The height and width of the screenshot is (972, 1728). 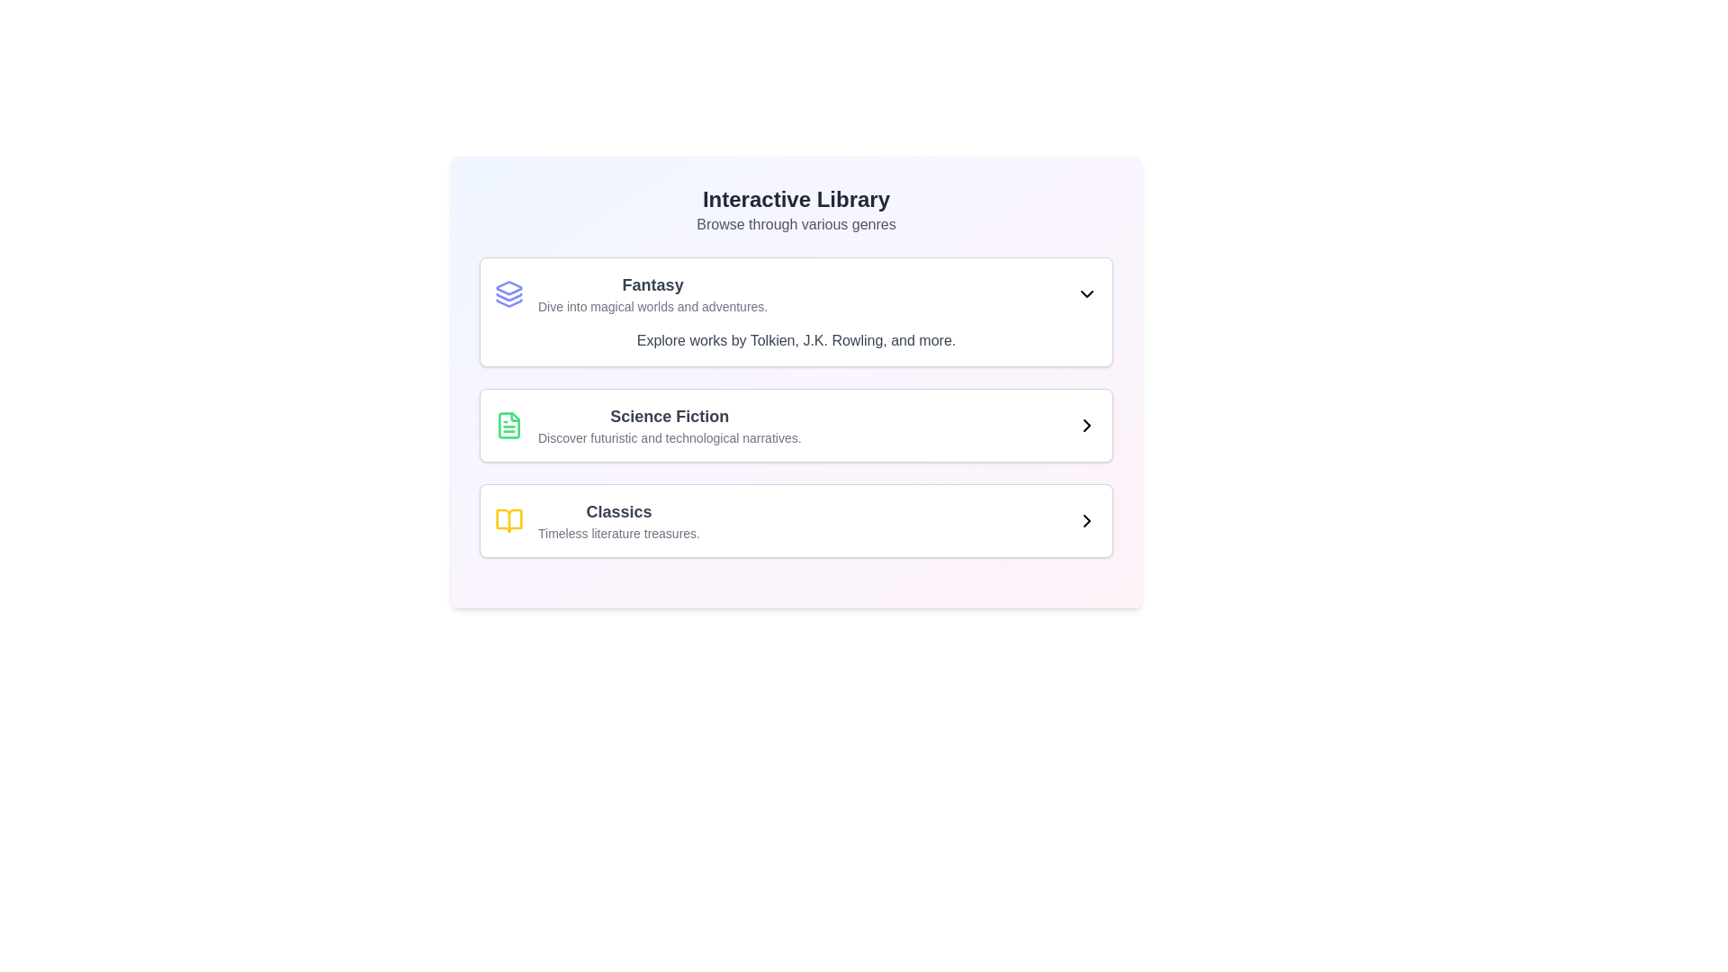 What do you see at coordinates (795, 293) in the screenshot?
I see `the downward chevron arrow on the right side of the 'Fantasy' section` at bounding box center [795, 293].